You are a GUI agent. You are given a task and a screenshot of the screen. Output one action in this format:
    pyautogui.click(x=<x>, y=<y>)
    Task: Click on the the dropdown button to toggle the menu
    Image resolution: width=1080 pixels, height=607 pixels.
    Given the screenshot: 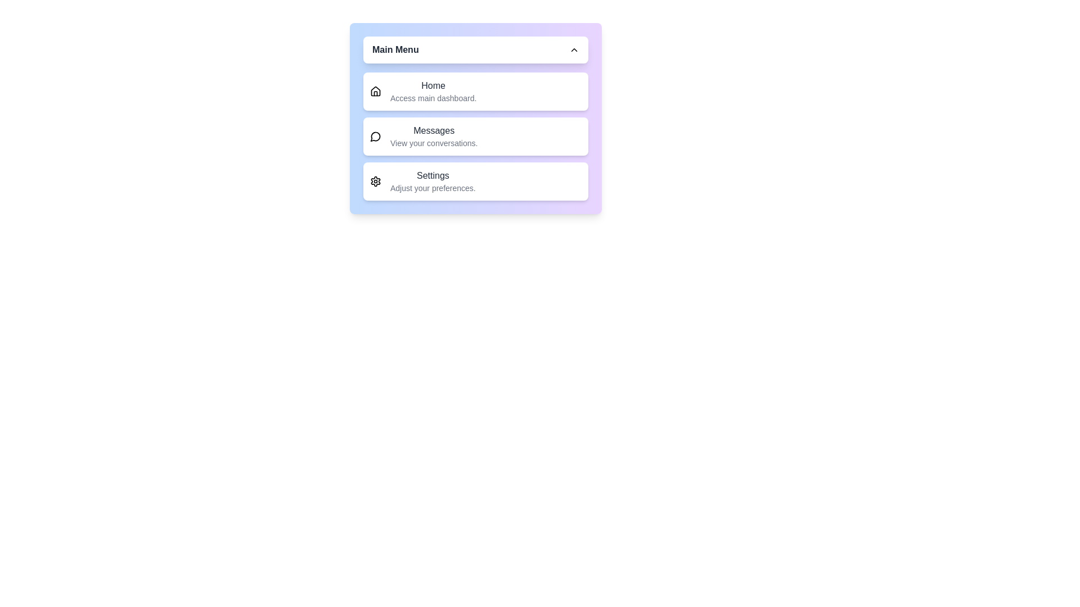 What is the action you would take?
    pyautogui.click(x=475, y=49)
    